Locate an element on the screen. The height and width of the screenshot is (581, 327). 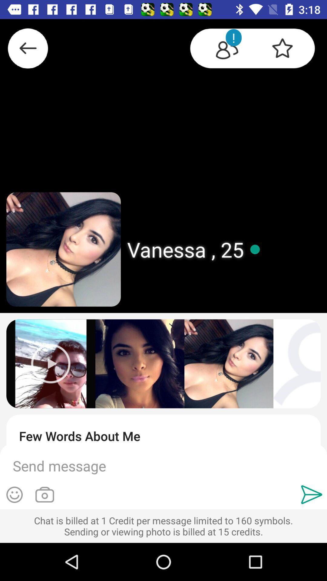
the star icon is located at coordinates (288, 49).